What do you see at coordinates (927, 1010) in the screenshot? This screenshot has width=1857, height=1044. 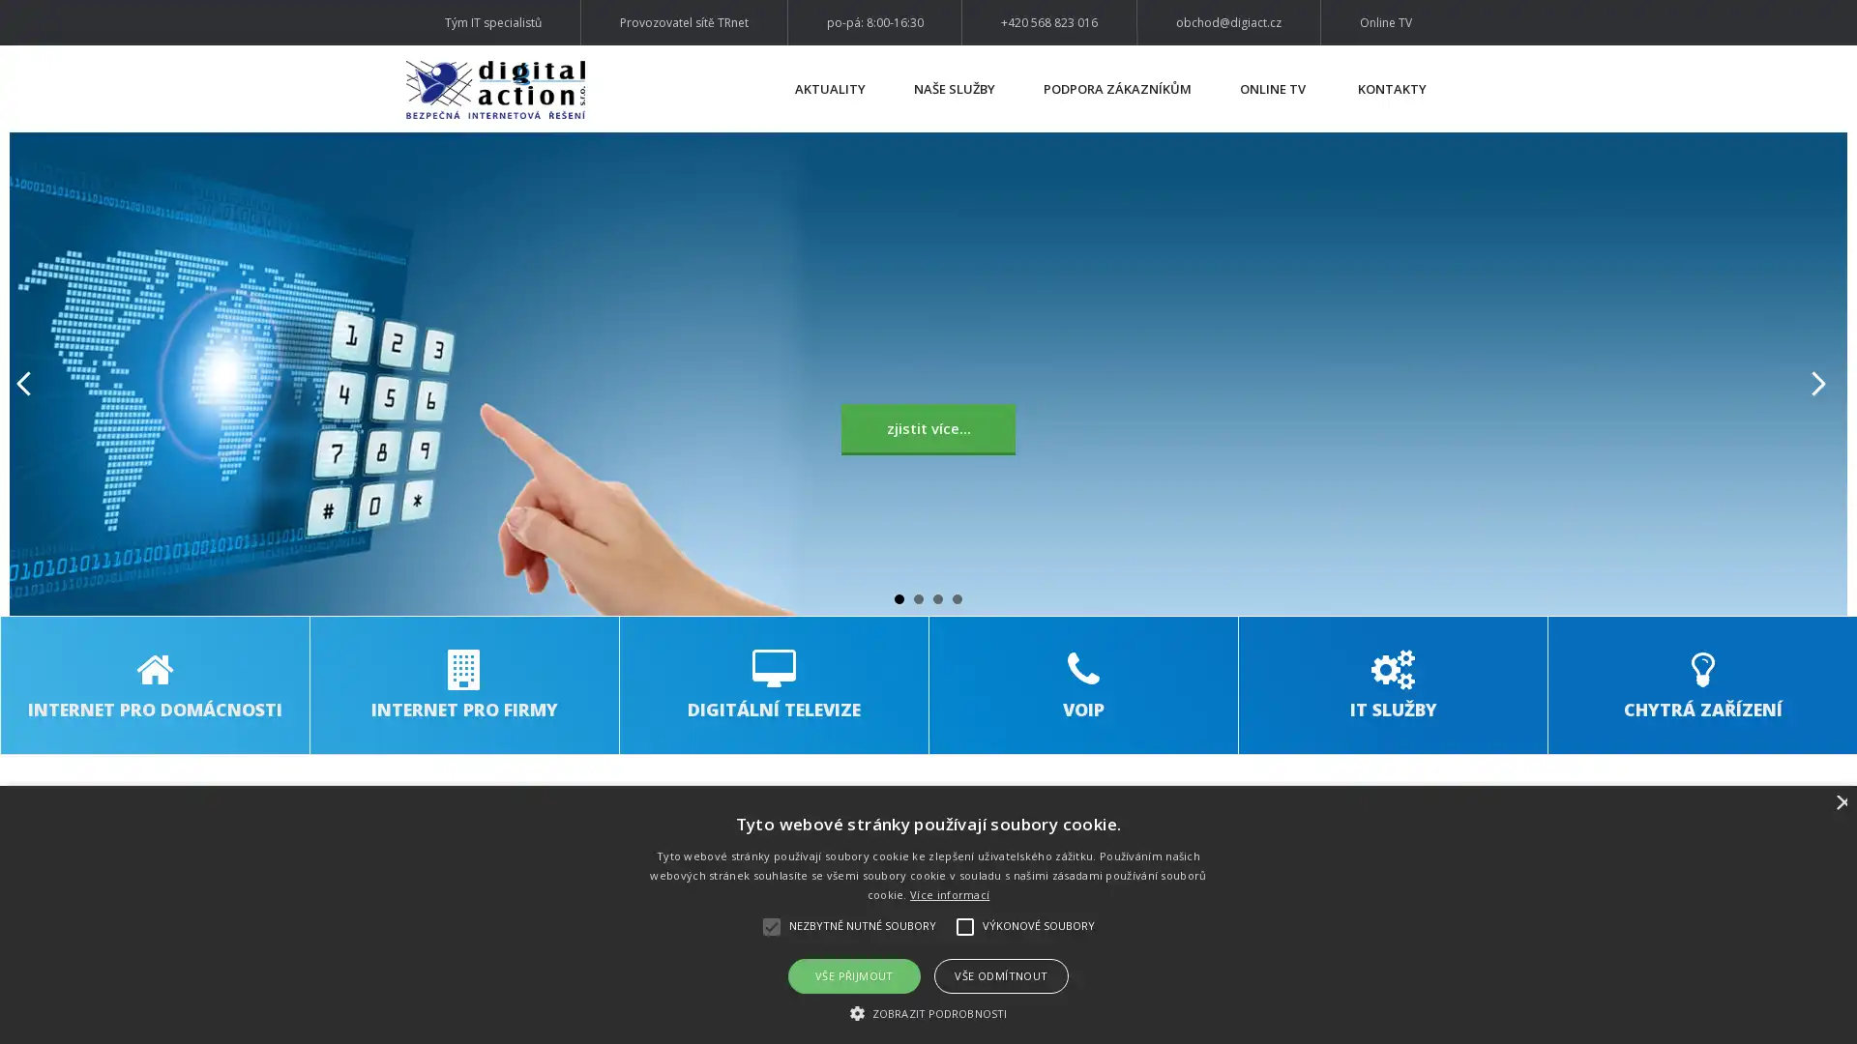 I see `ZOBRAZIT PODROBNOSTI` at bounding box center [927, 1010].